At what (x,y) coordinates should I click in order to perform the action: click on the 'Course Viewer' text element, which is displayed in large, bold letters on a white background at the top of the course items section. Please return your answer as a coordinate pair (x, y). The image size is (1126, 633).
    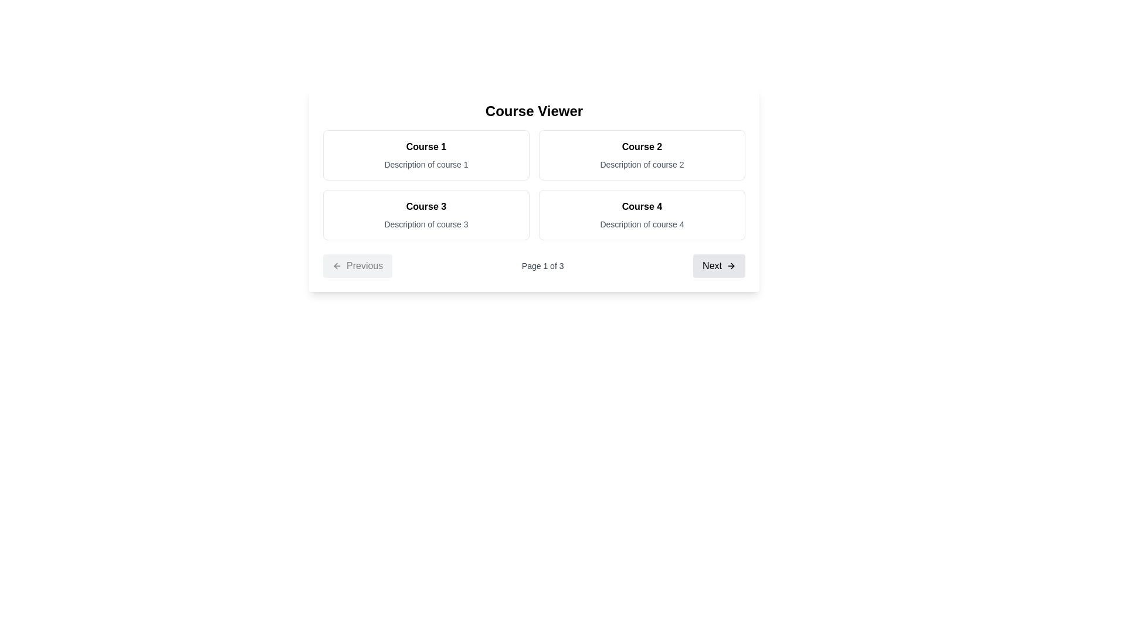
    Looking at the image, I should click on (534, 111).